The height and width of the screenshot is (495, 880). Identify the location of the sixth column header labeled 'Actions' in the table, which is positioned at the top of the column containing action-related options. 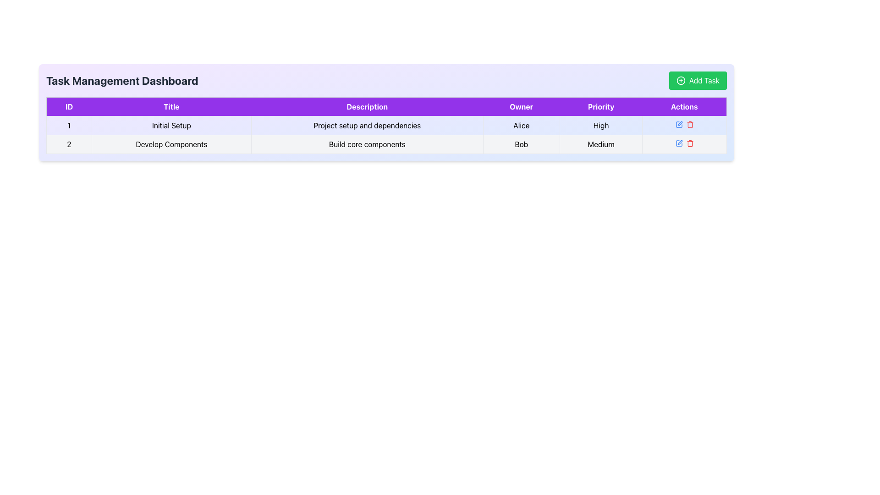
(684, 106).